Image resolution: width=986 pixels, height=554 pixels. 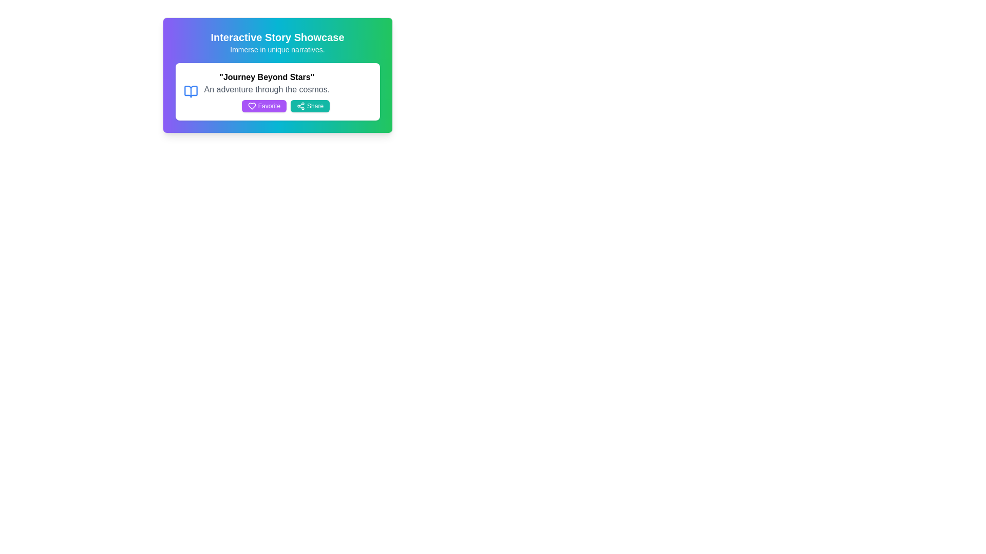 I want to click on the 'Favorite' button with a purple background and heart-shaped icon located in the bottom-right section of a card to mark it as favorite, so click(x=264, y=106).